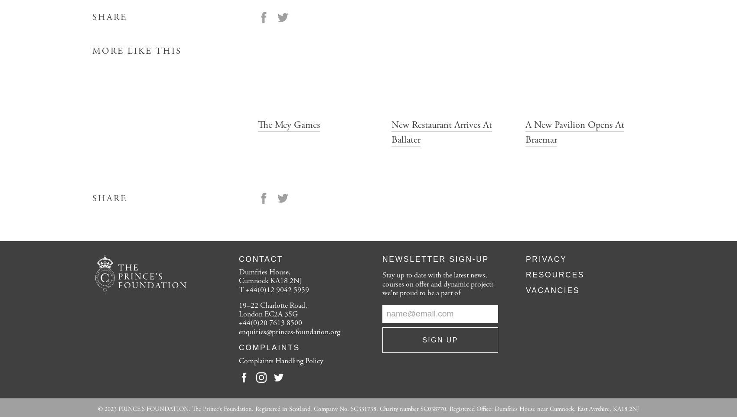 This screenshot has width=737, height=417. Describe the element at coordinates (270, 323) in the screenshot. I see `'+44(0)20 7613 8500'` at that location.